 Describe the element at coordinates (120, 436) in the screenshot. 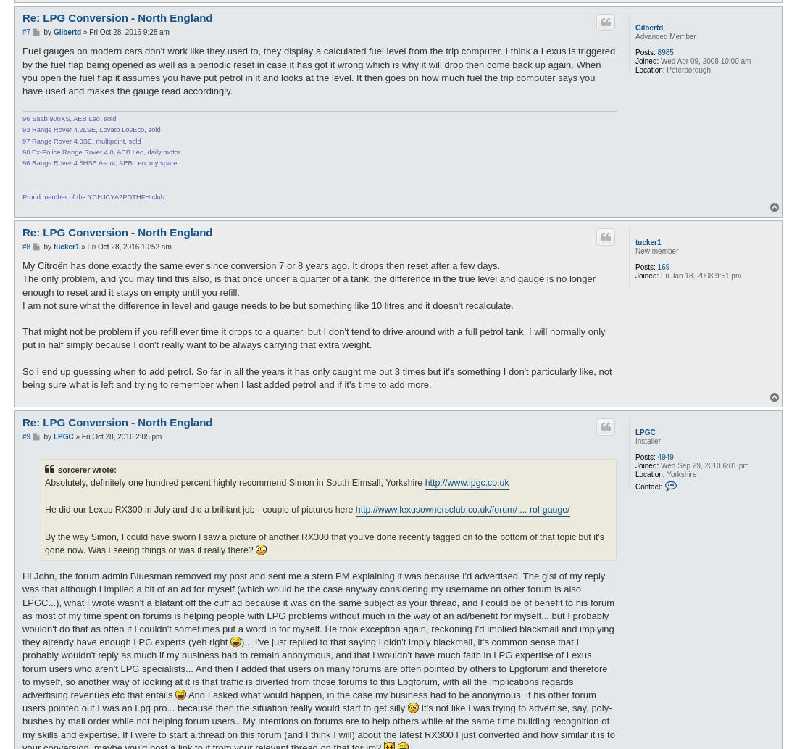

I see `'Fri Oct 28, 2016 2:05 pm'` at that location.